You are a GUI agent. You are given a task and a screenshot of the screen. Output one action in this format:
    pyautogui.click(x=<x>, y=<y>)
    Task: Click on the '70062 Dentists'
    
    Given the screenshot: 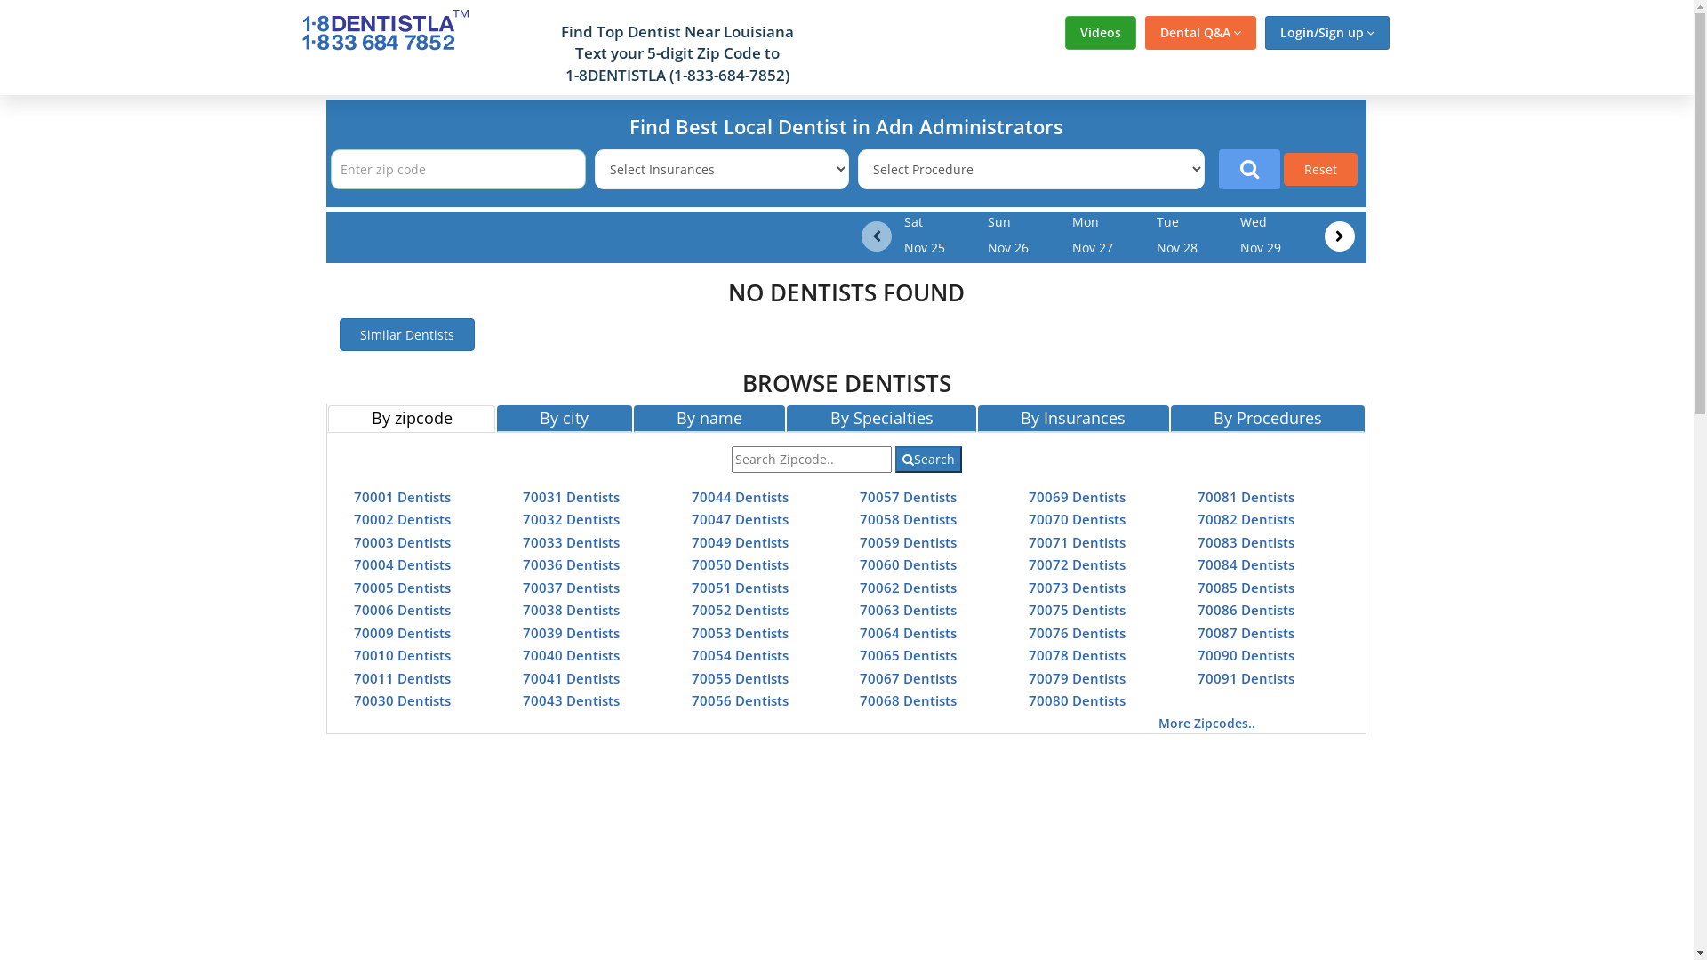 What is the action you would take?
    pyautogui.click(x=908, y=586)
    